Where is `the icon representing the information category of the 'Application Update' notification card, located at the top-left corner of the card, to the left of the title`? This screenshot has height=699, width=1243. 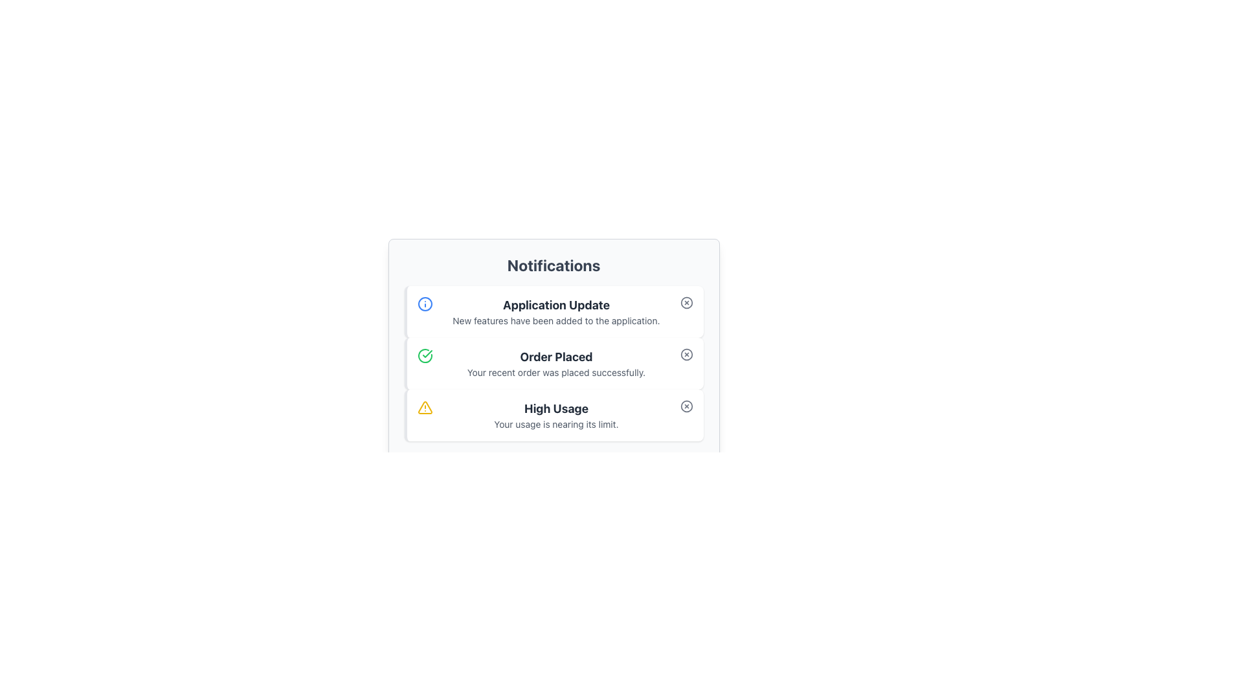
the icon representing the information category of the 'Application Update' notification card, located at the top-left corner of the card, to the left of the title is located at coordinates (425, 304).